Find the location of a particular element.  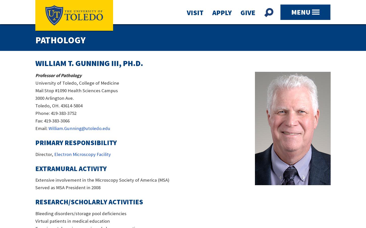

'Toledo, OH. 43614-5804' is located at coordinates (59, 105).